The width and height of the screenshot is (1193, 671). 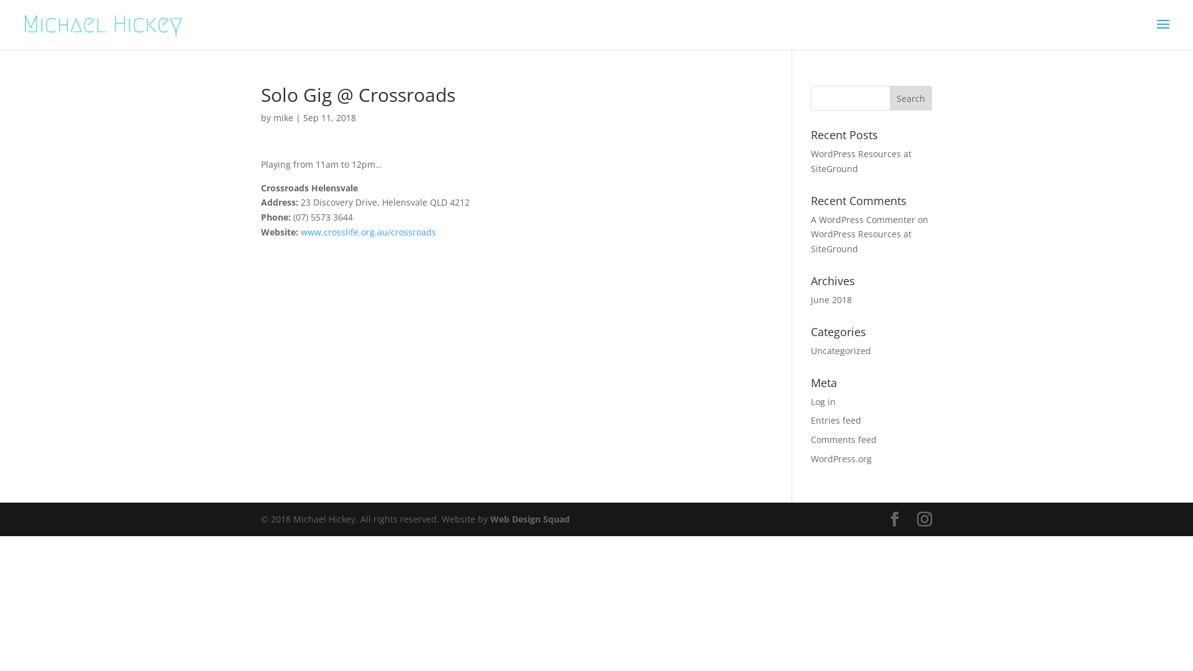 I want to click on 'Uncategorized', so click(x=841, y=350).